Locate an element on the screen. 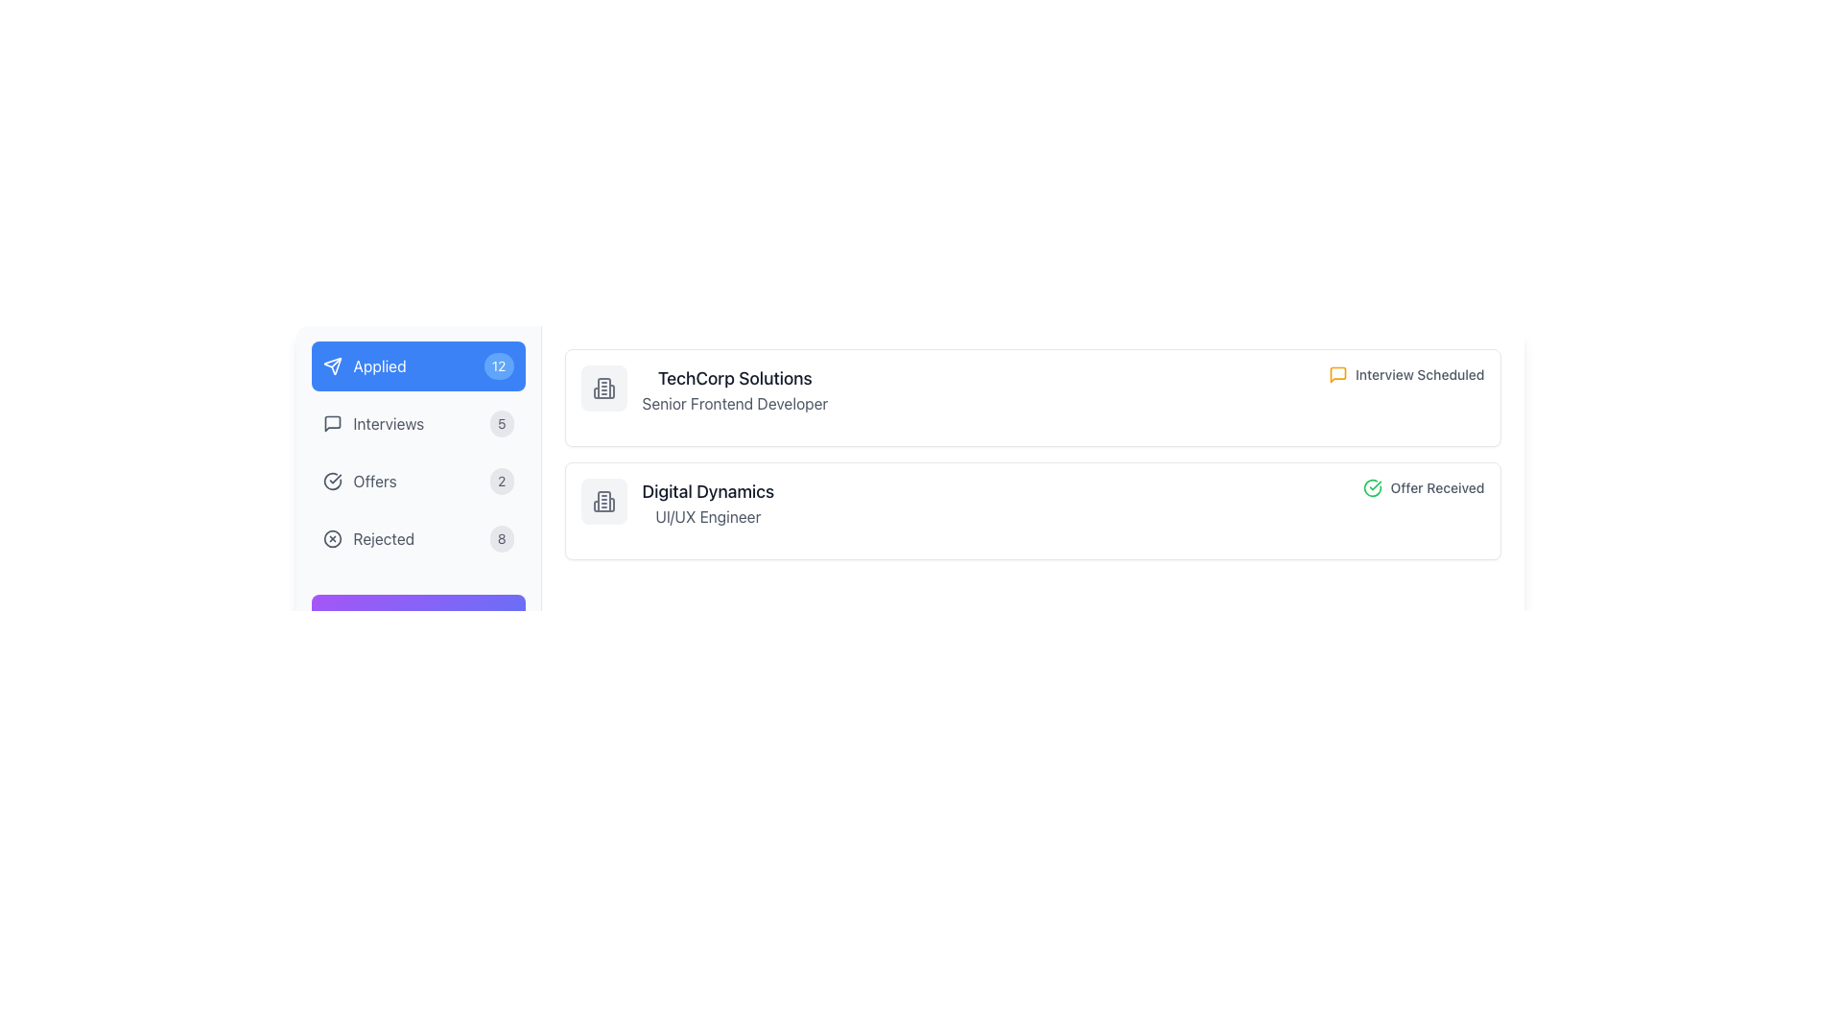  the 'TechCorp Solutions' text label is located at coordinates (734, 389).